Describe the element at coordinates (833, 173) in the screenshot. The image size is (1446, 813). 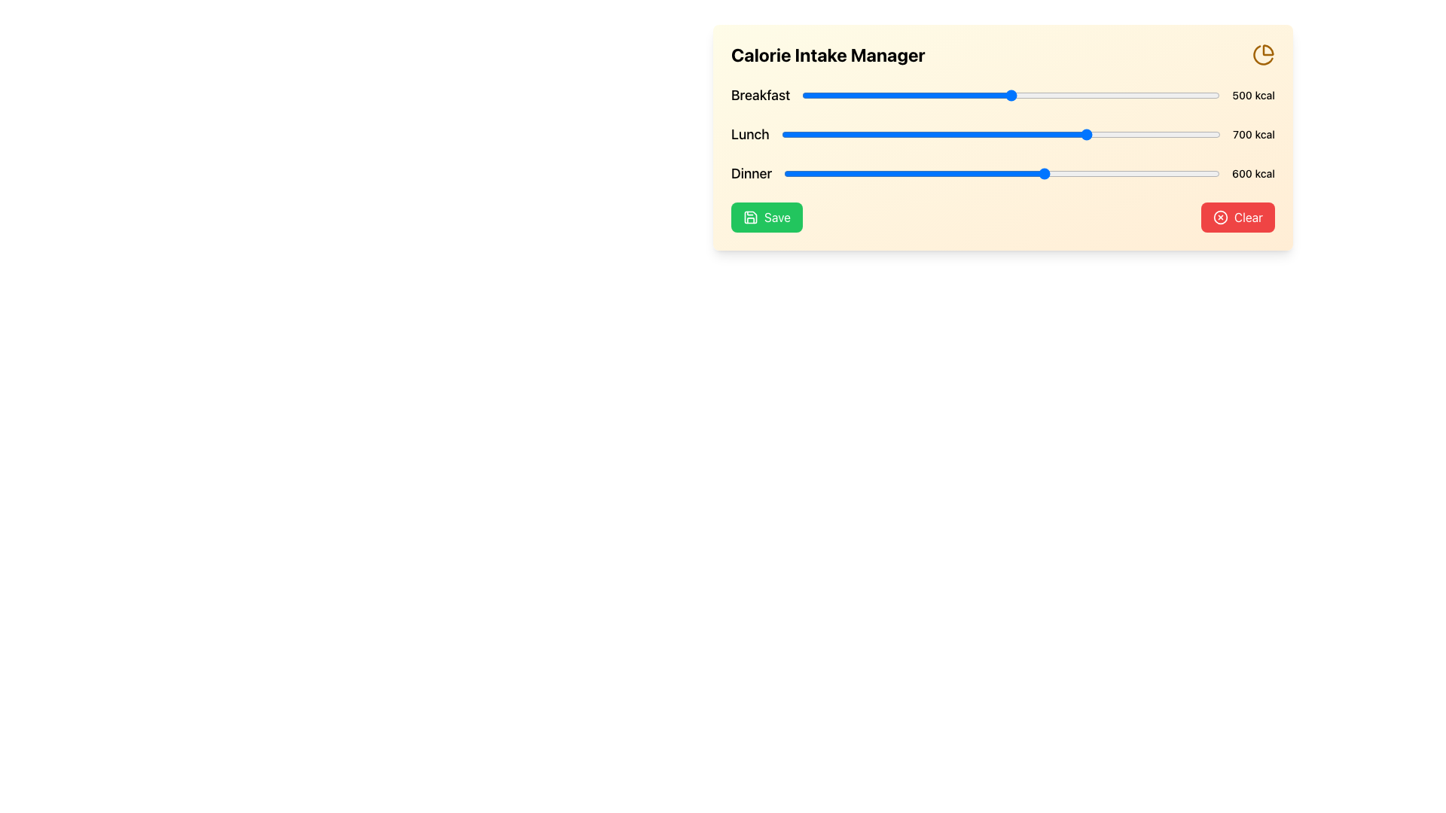
I see `the dinner calorie intake slider` at that location.